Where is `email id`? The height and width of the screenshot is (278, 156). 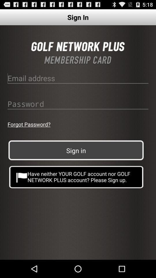 email id is located at coordinates (78, 78).